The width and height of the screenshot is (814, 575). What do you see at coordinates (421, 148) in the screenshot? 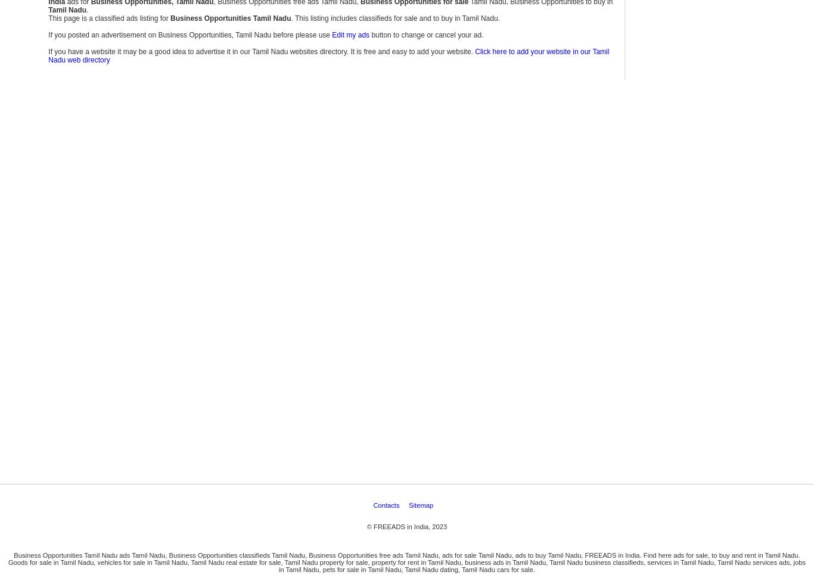
I see `'Sitemap'` at bounding box center [421, 148].